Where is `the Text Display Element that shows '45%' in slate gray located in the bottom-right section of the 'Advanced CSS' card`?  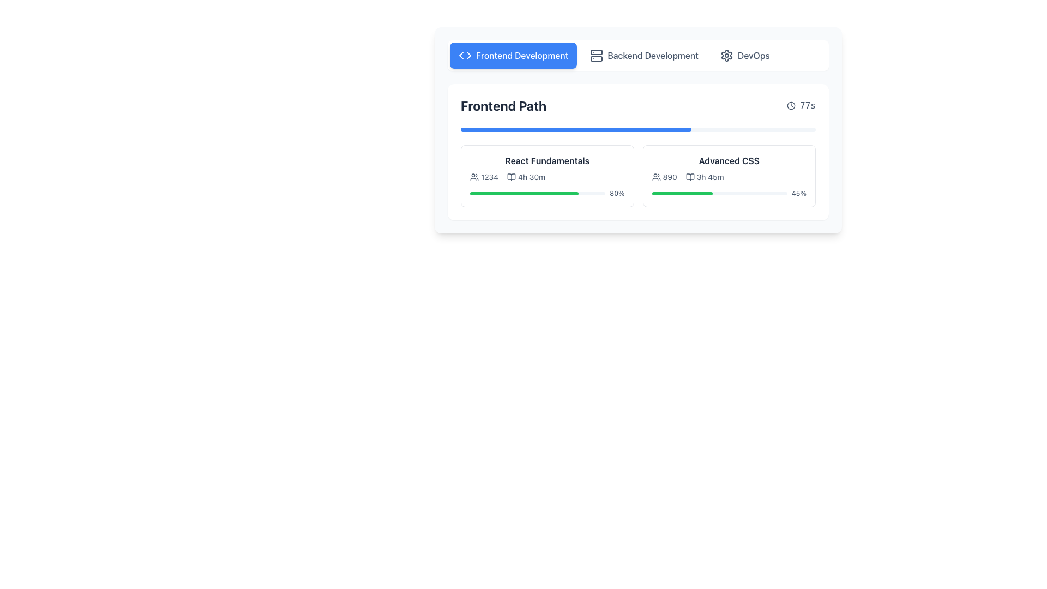
the Text Display Element that shows '45%' in slate gray located in the bottom-right section of the 'Advanced CSS' card is located at coordinates (799, 193).